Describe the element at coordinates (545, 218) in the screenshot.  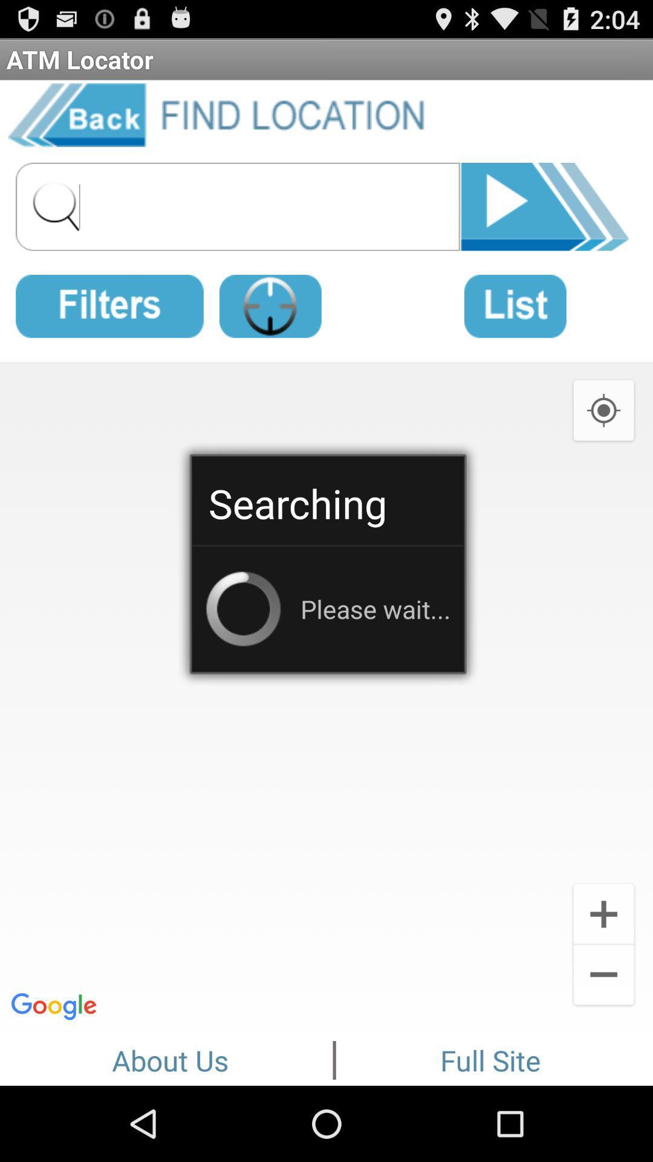
I see `the skip_next icon` at that location.